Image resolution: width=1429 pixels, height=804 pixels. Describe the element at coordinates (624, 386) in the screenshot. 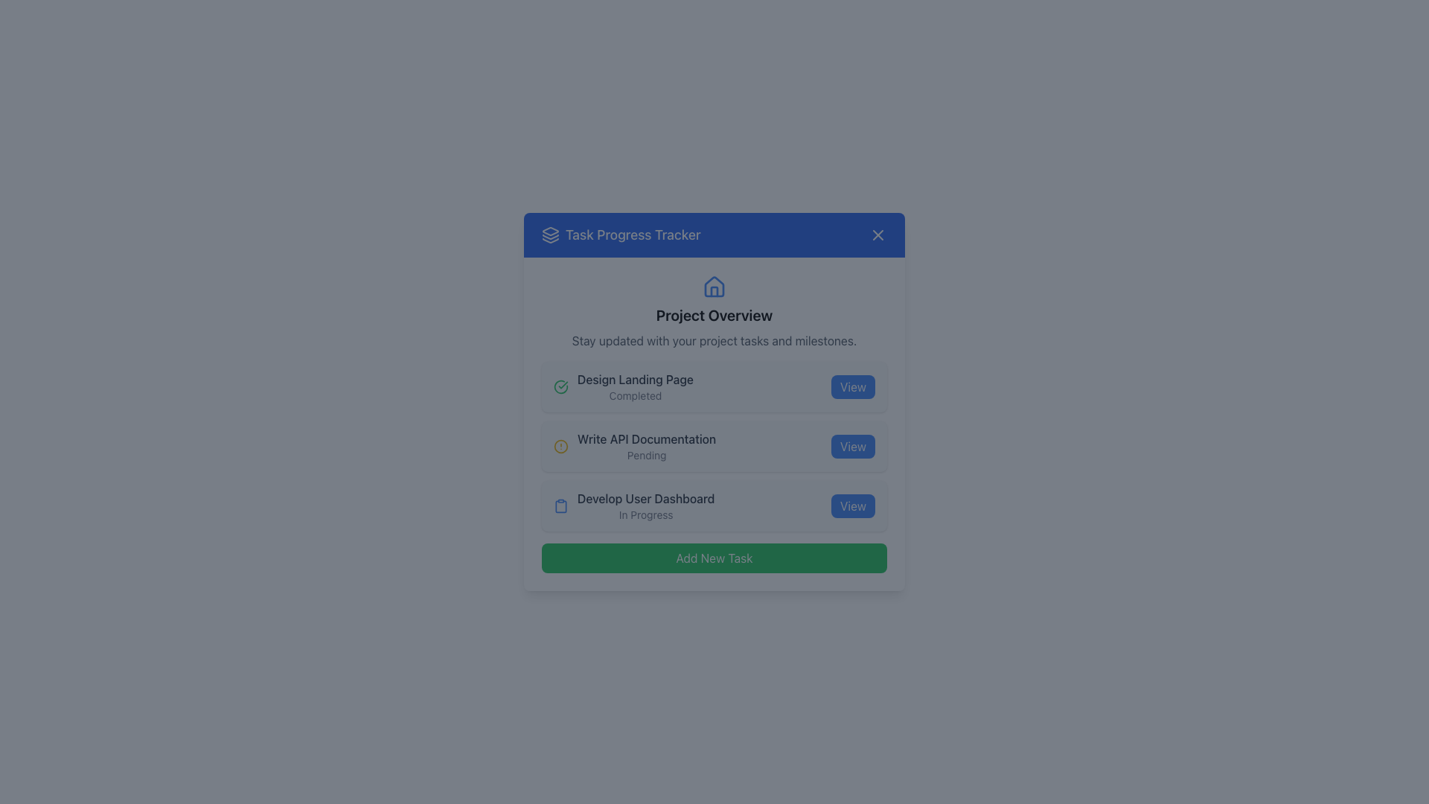

I see `the Text label displaying the task title 'Design Landing Page' and its completion status 'Completed' in the first task card of the 'Task Progress Tracker' interface` at that location.